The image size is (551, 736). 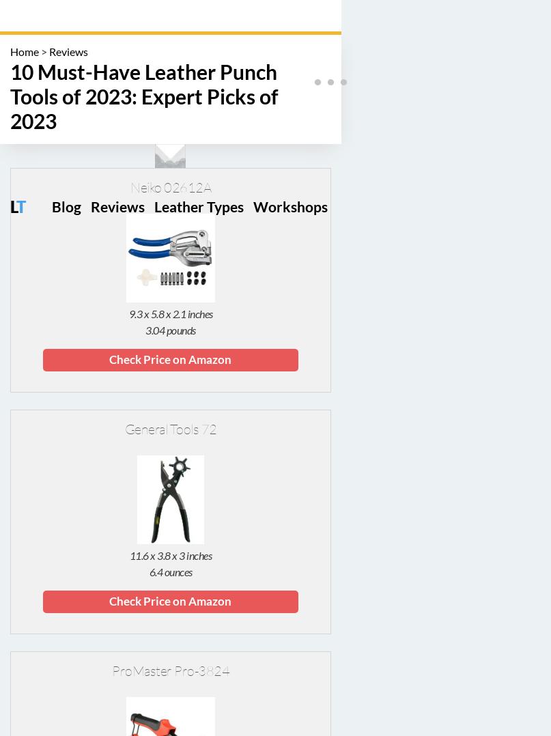 I want to click on '10 Must-Have Leather Punch Tools of 2023: Expert Picks of 2023', so click(x=144, y=96).